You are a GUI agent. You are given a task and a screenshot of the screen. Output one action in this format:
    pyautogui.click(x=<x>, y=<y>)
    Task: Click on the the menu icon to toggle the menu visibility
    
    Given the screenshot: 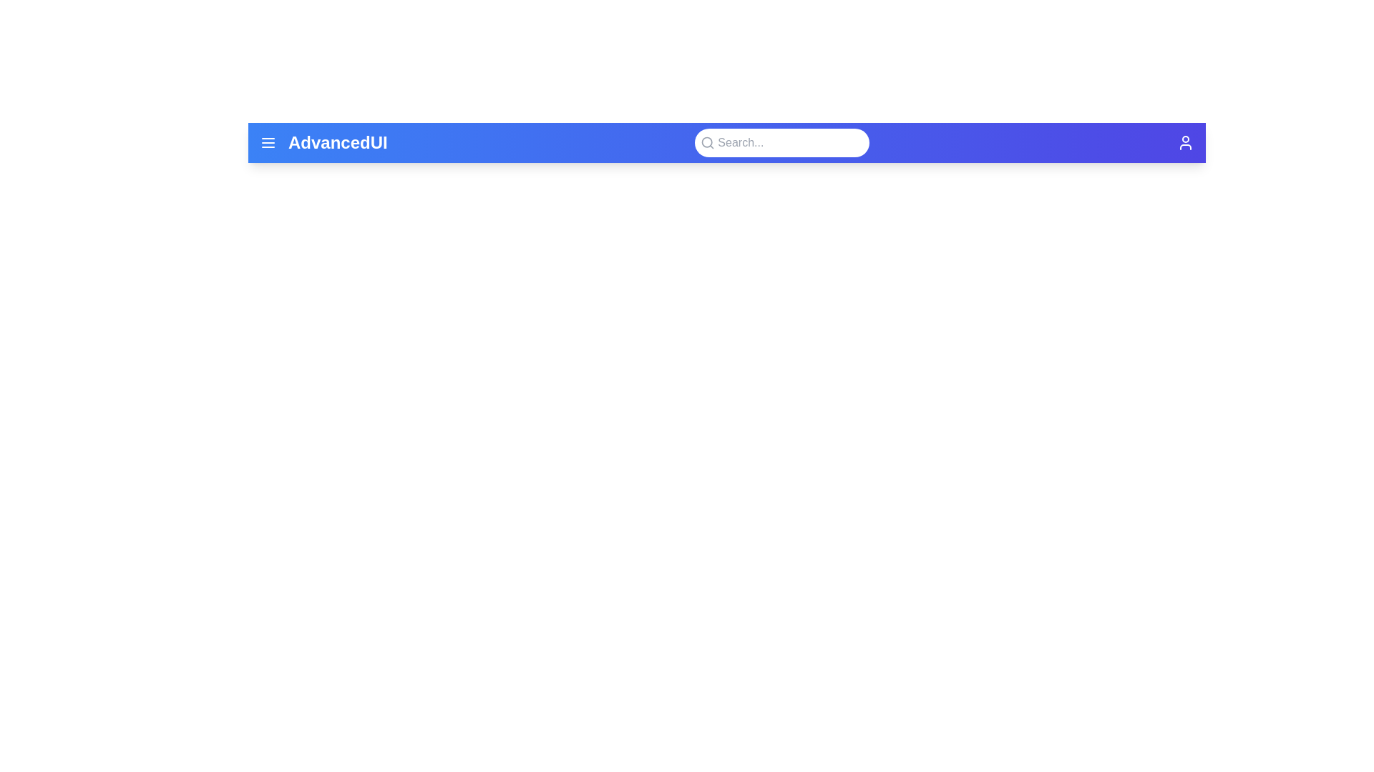 What is the action you would take?
    pyautogui.click(x=268, y=143)
    